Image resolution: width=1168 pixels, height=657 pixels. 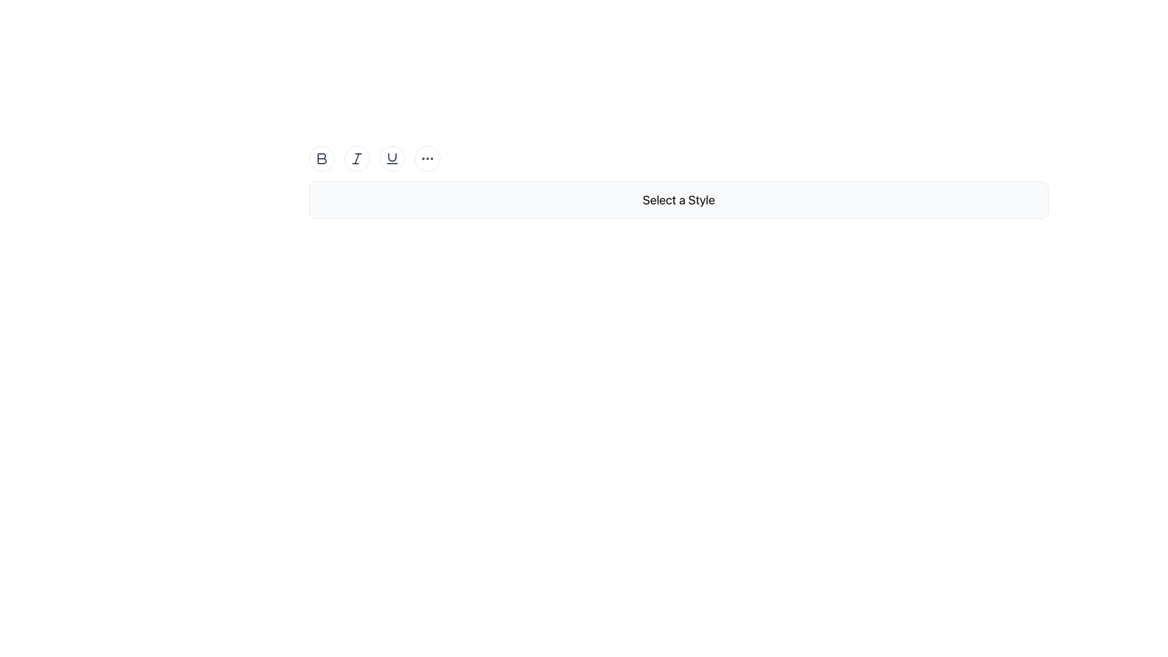 What do you see at coordinates (392, 158) in the screenshot?
I see `the icon button resembling an underline symbol located in the toolbar` at bounding box center [392, 158].